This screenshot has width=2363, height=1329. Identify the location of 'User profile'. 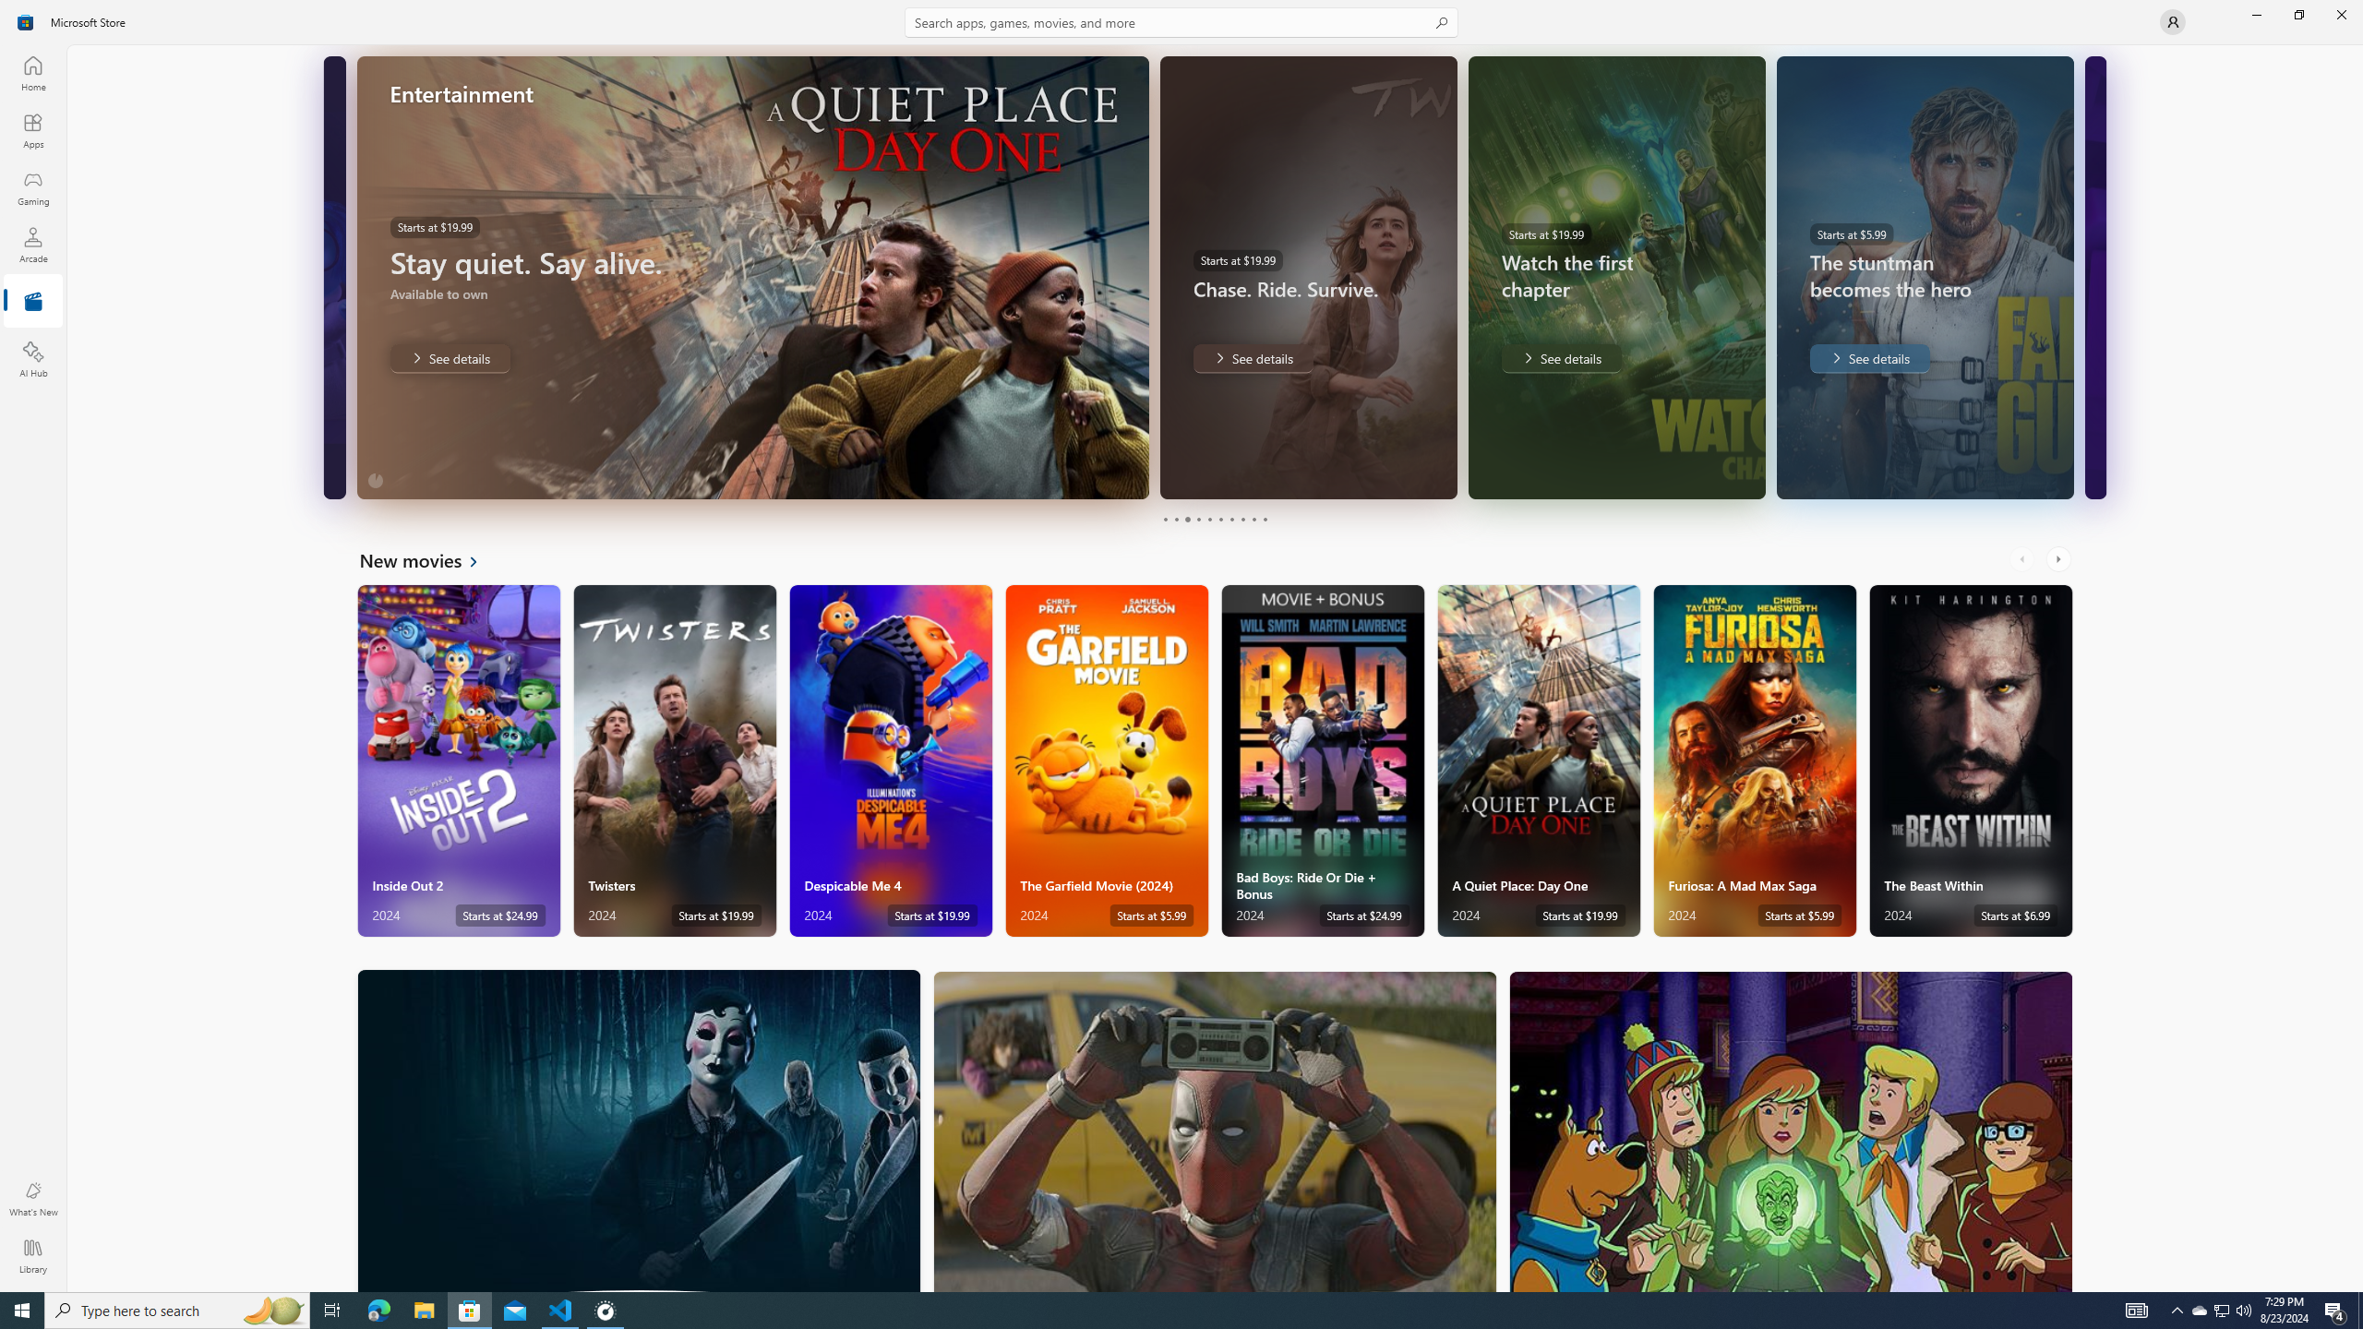
(2171, 20).